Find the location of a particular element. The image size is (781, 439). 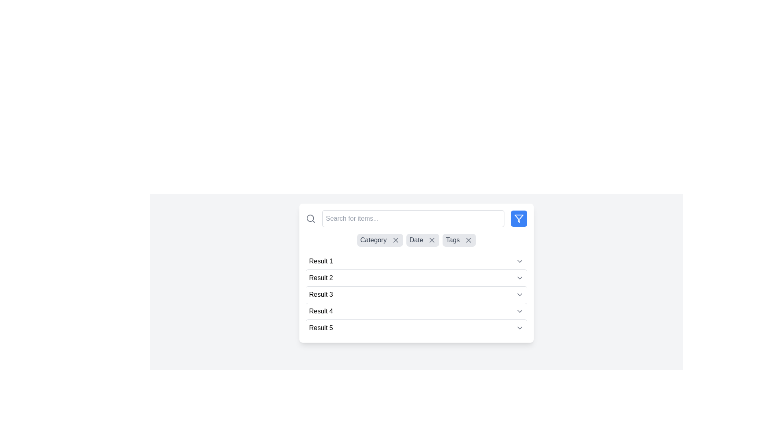

text content of the Text label displaying 'Result 1', which is the first entry in a vertical list of results is located at coordinates (321, 261).